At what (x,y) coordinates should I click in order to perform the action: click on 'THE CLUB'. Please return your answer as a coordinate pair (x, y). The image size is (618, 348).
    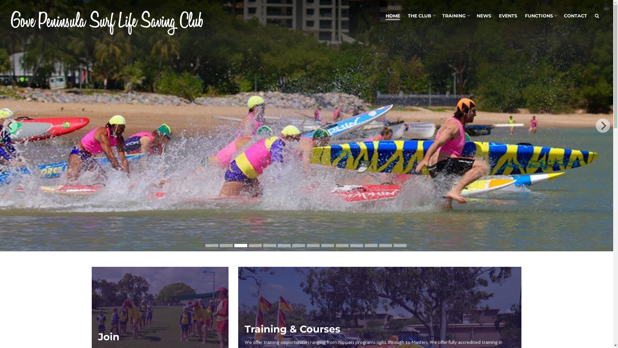
    Looking at the image, I should click on (403, 15).